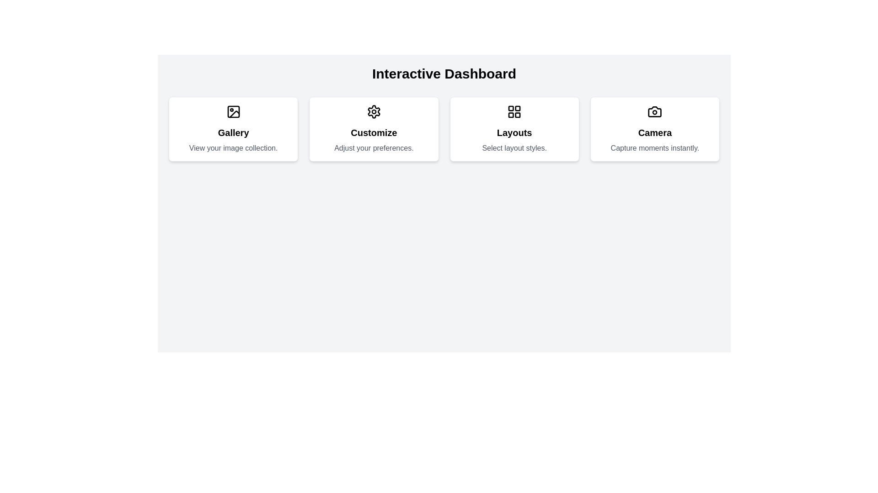  I want to click on the second square in the top row of the grid icon located above the 'Layouts' label, so click(518, 108).